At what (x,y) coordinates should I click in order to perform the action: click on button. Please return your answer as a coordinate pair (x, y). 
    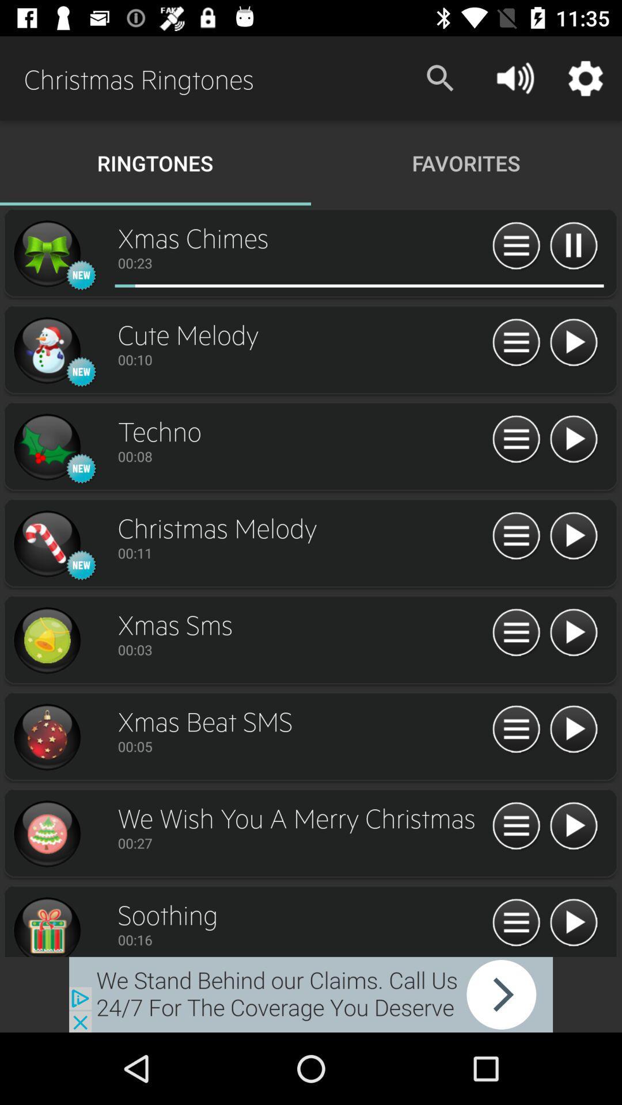
    Looking at the image, I should click on (573, 729).